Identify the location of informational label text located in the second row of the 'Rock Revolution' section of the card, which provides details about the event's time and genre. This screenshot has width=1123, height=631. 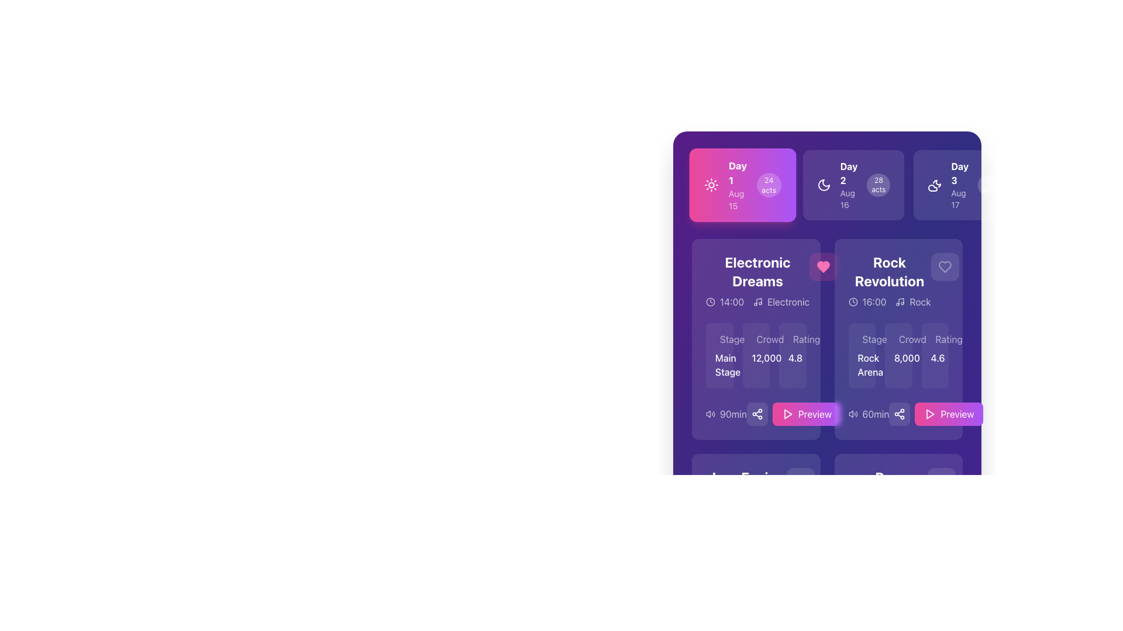
(889, 301).